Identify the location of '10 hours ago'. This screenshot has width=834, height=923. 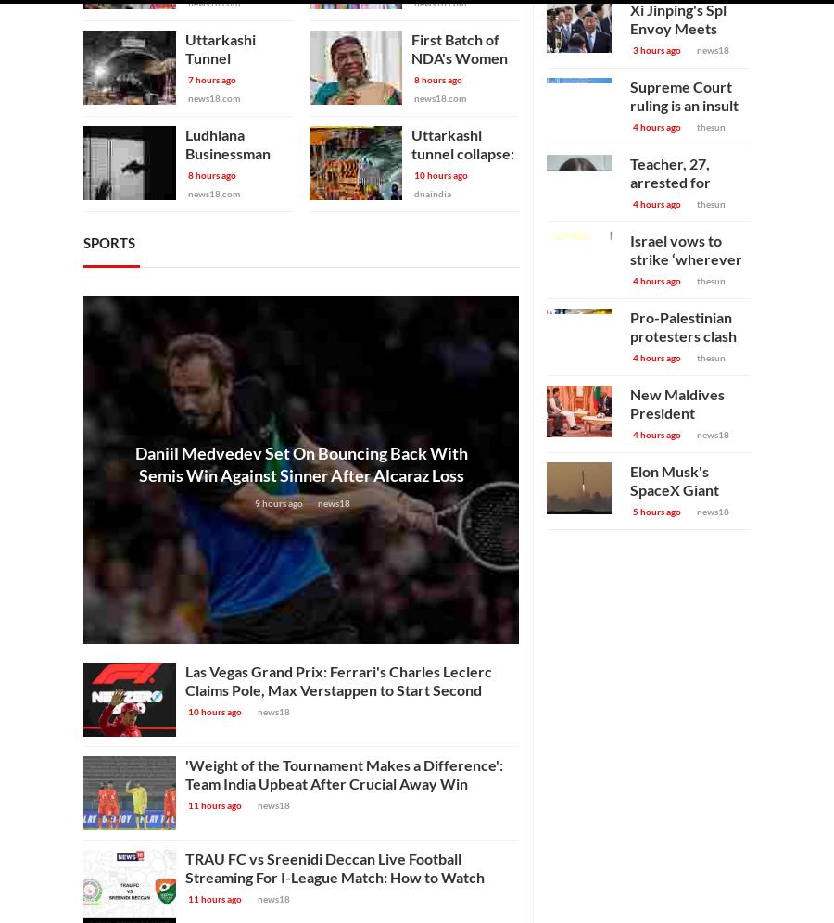
(214, 712).